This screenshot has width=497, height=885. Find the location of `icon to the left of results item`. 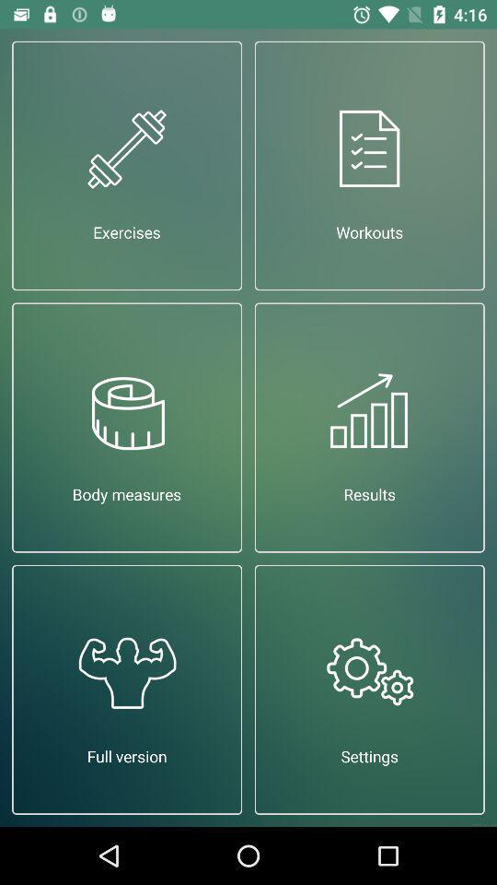

icon to the left of results item is located at coordinates (126, 428).